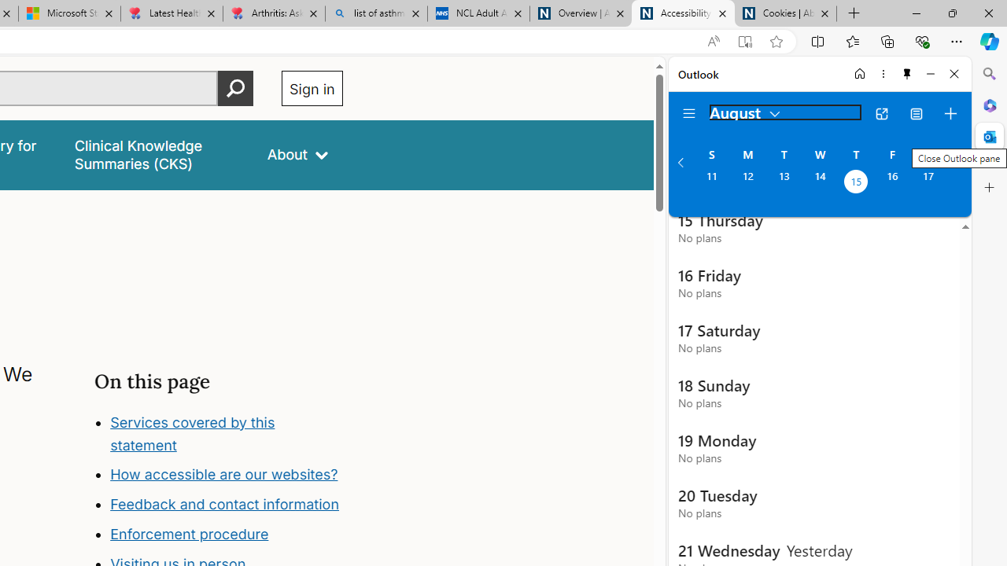 Image resolution: width=1007 pixels, height=566 pixels. Describe the element at coordinates (928, 182) in the screenshot. I see `'Saturday, August 17, 2024. '` at that location.